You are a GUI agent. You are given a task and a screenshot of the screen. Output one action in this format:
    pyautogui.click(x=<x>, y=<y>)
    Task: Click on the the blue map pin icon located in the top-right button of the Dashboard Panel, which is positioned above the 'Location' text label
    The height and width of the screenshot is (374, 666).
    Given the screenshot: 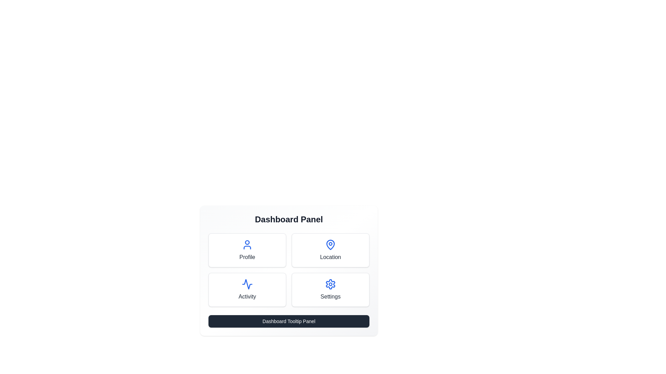 What is the action you would take?
    pyautogui.click(x=330, y=244)
    